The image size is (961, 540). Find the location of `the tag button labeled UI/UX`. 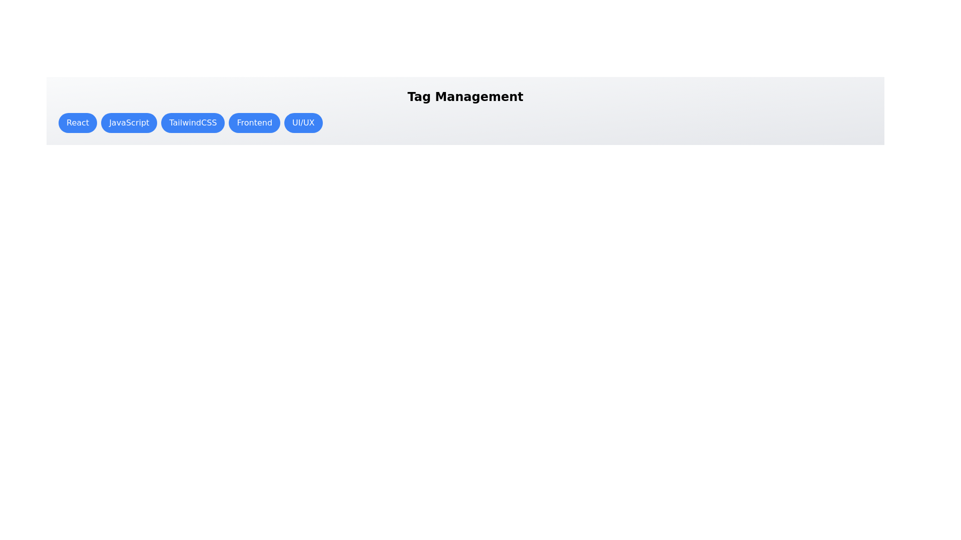

the tag button labeled UI/UX is located at coordinates (303, 122).